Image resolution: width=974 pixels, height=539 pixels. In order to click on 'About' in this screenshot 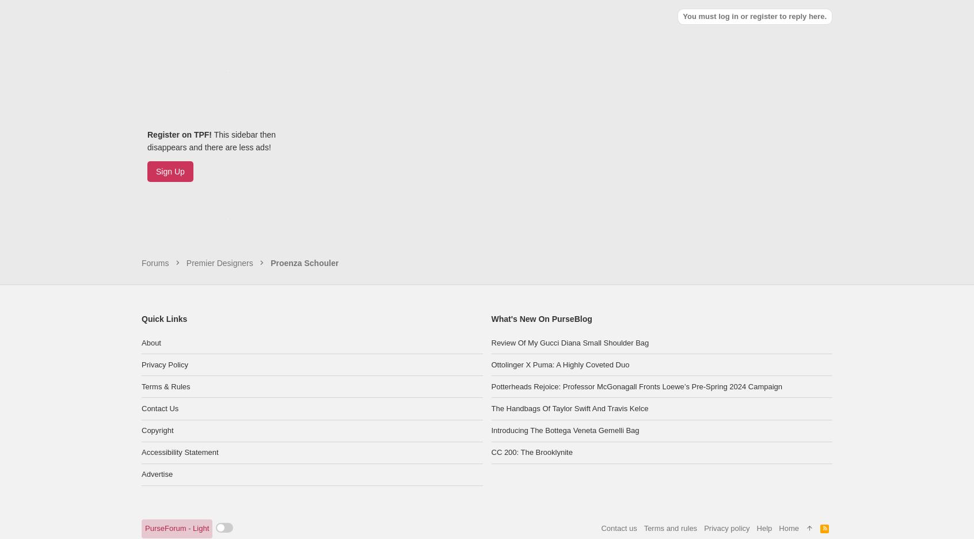, I will do `click(151, 285)`.